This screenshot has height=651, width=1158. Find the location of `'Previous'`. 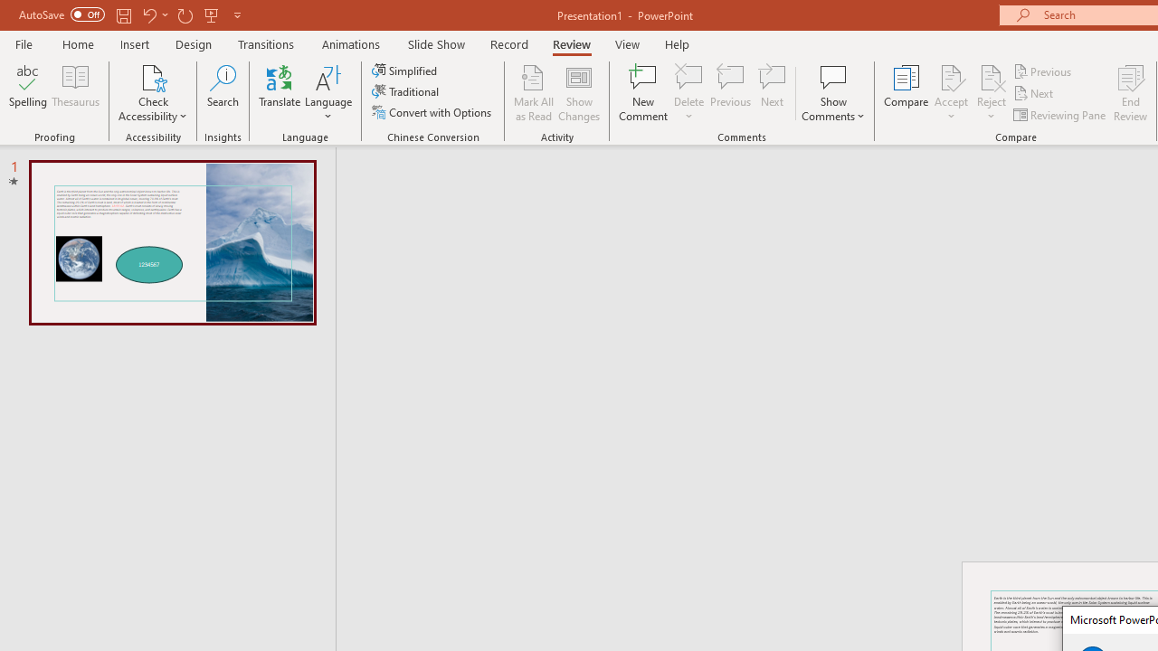

'Previous' is located at coordinates (1043, 71).